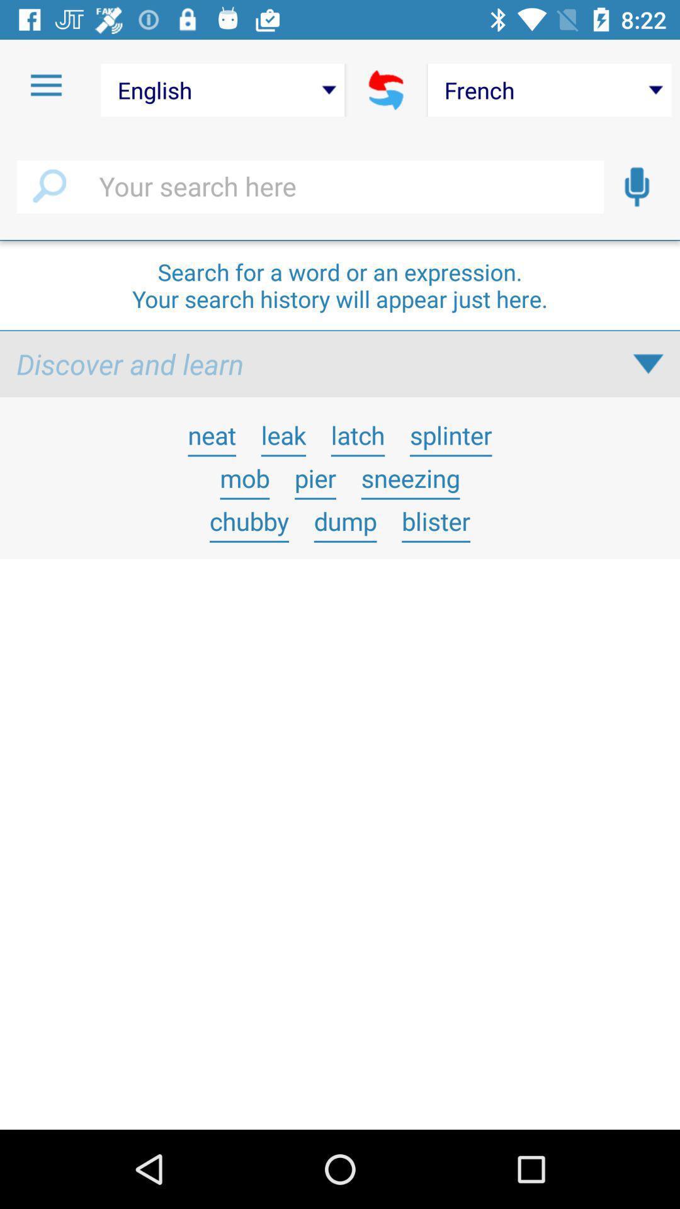  What do you see at coordinates (385, 89) in the screenshot?
I see `swap languages` at bounding box center [385, 89].